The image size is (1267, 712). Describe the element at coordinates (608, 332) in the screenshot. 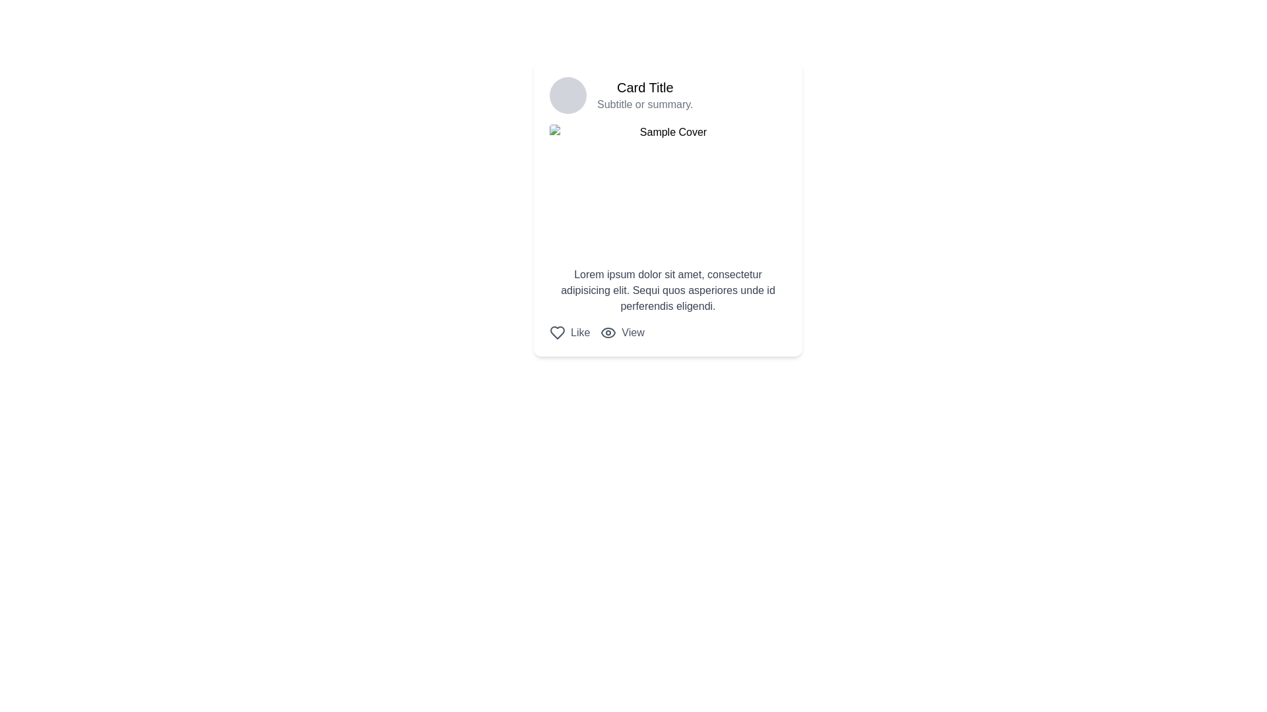

I see `the icon located within the 'View' button at the bottom-right corner of the card component` at that location.